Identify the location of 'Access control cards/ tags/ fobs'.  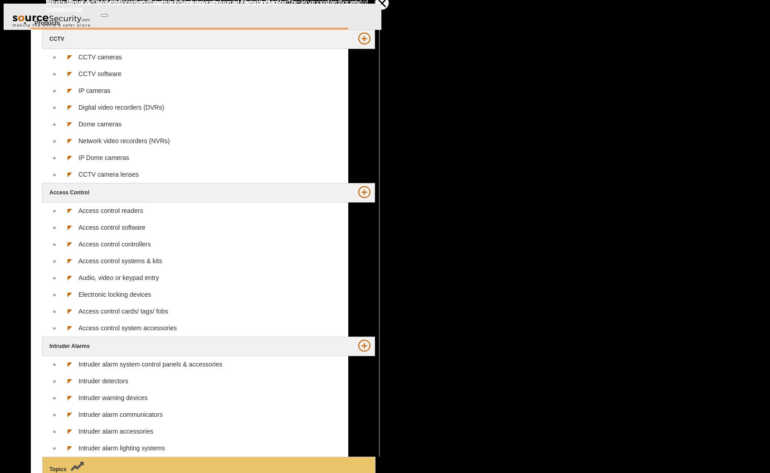
(78, 310).